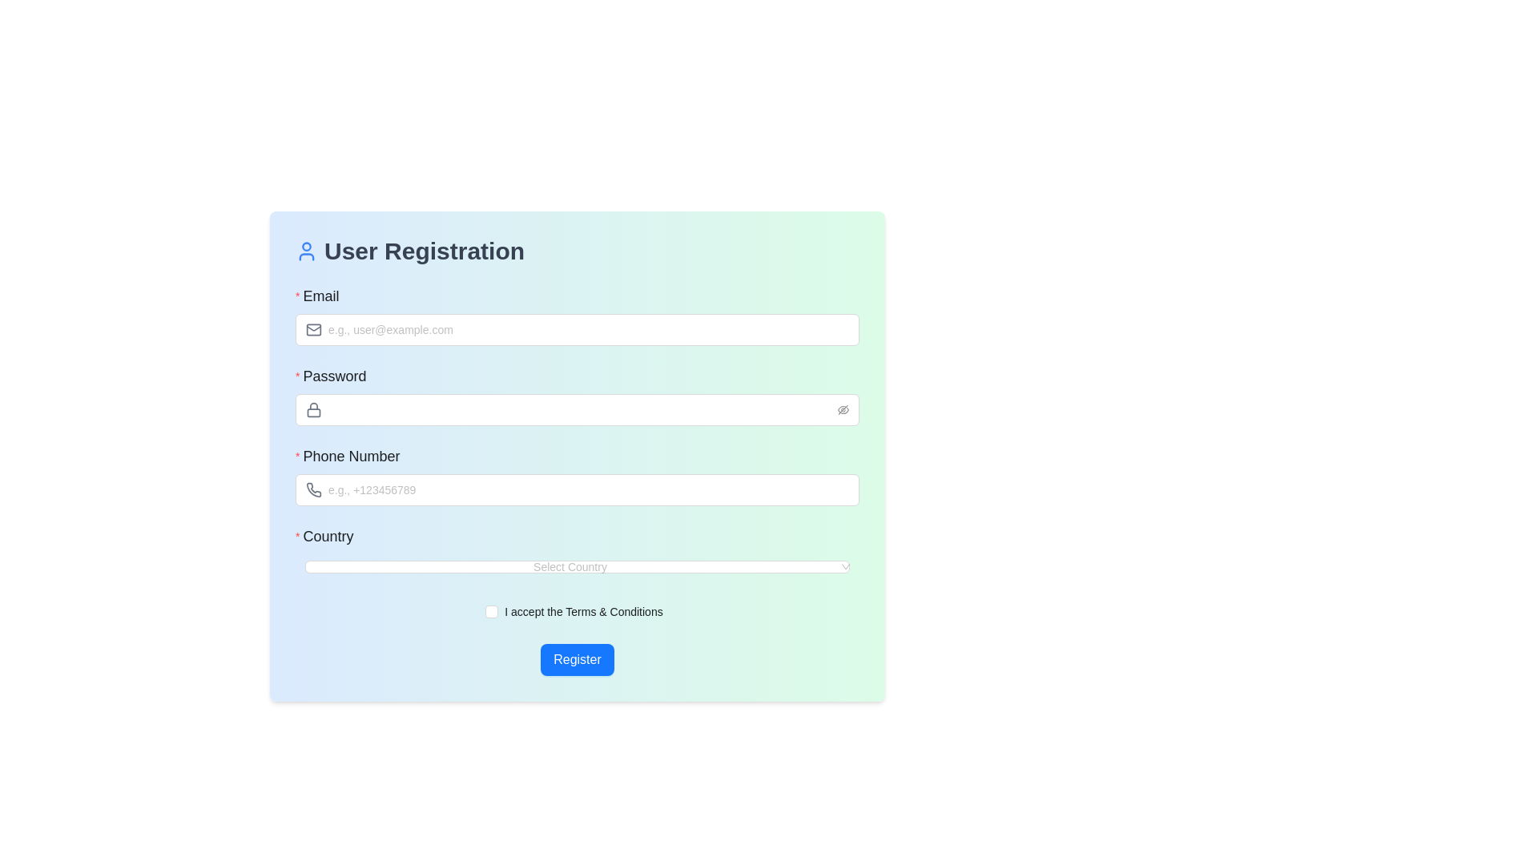 This screenshot has height=865, width=1538. I want to click on the 'Password' text label, which is styled with a medium font weight and larger size, situated above the password input field in the user registration form, so click(333, 376).